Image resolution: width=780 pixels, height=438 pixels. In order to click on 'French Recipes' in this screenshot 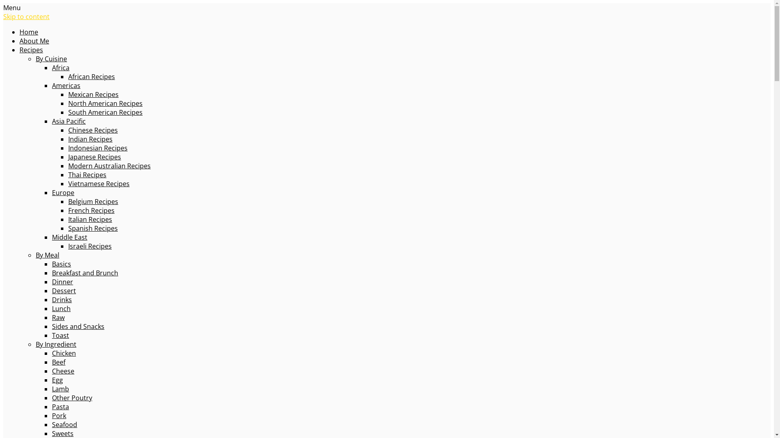, I will do `click(91, 210)`.